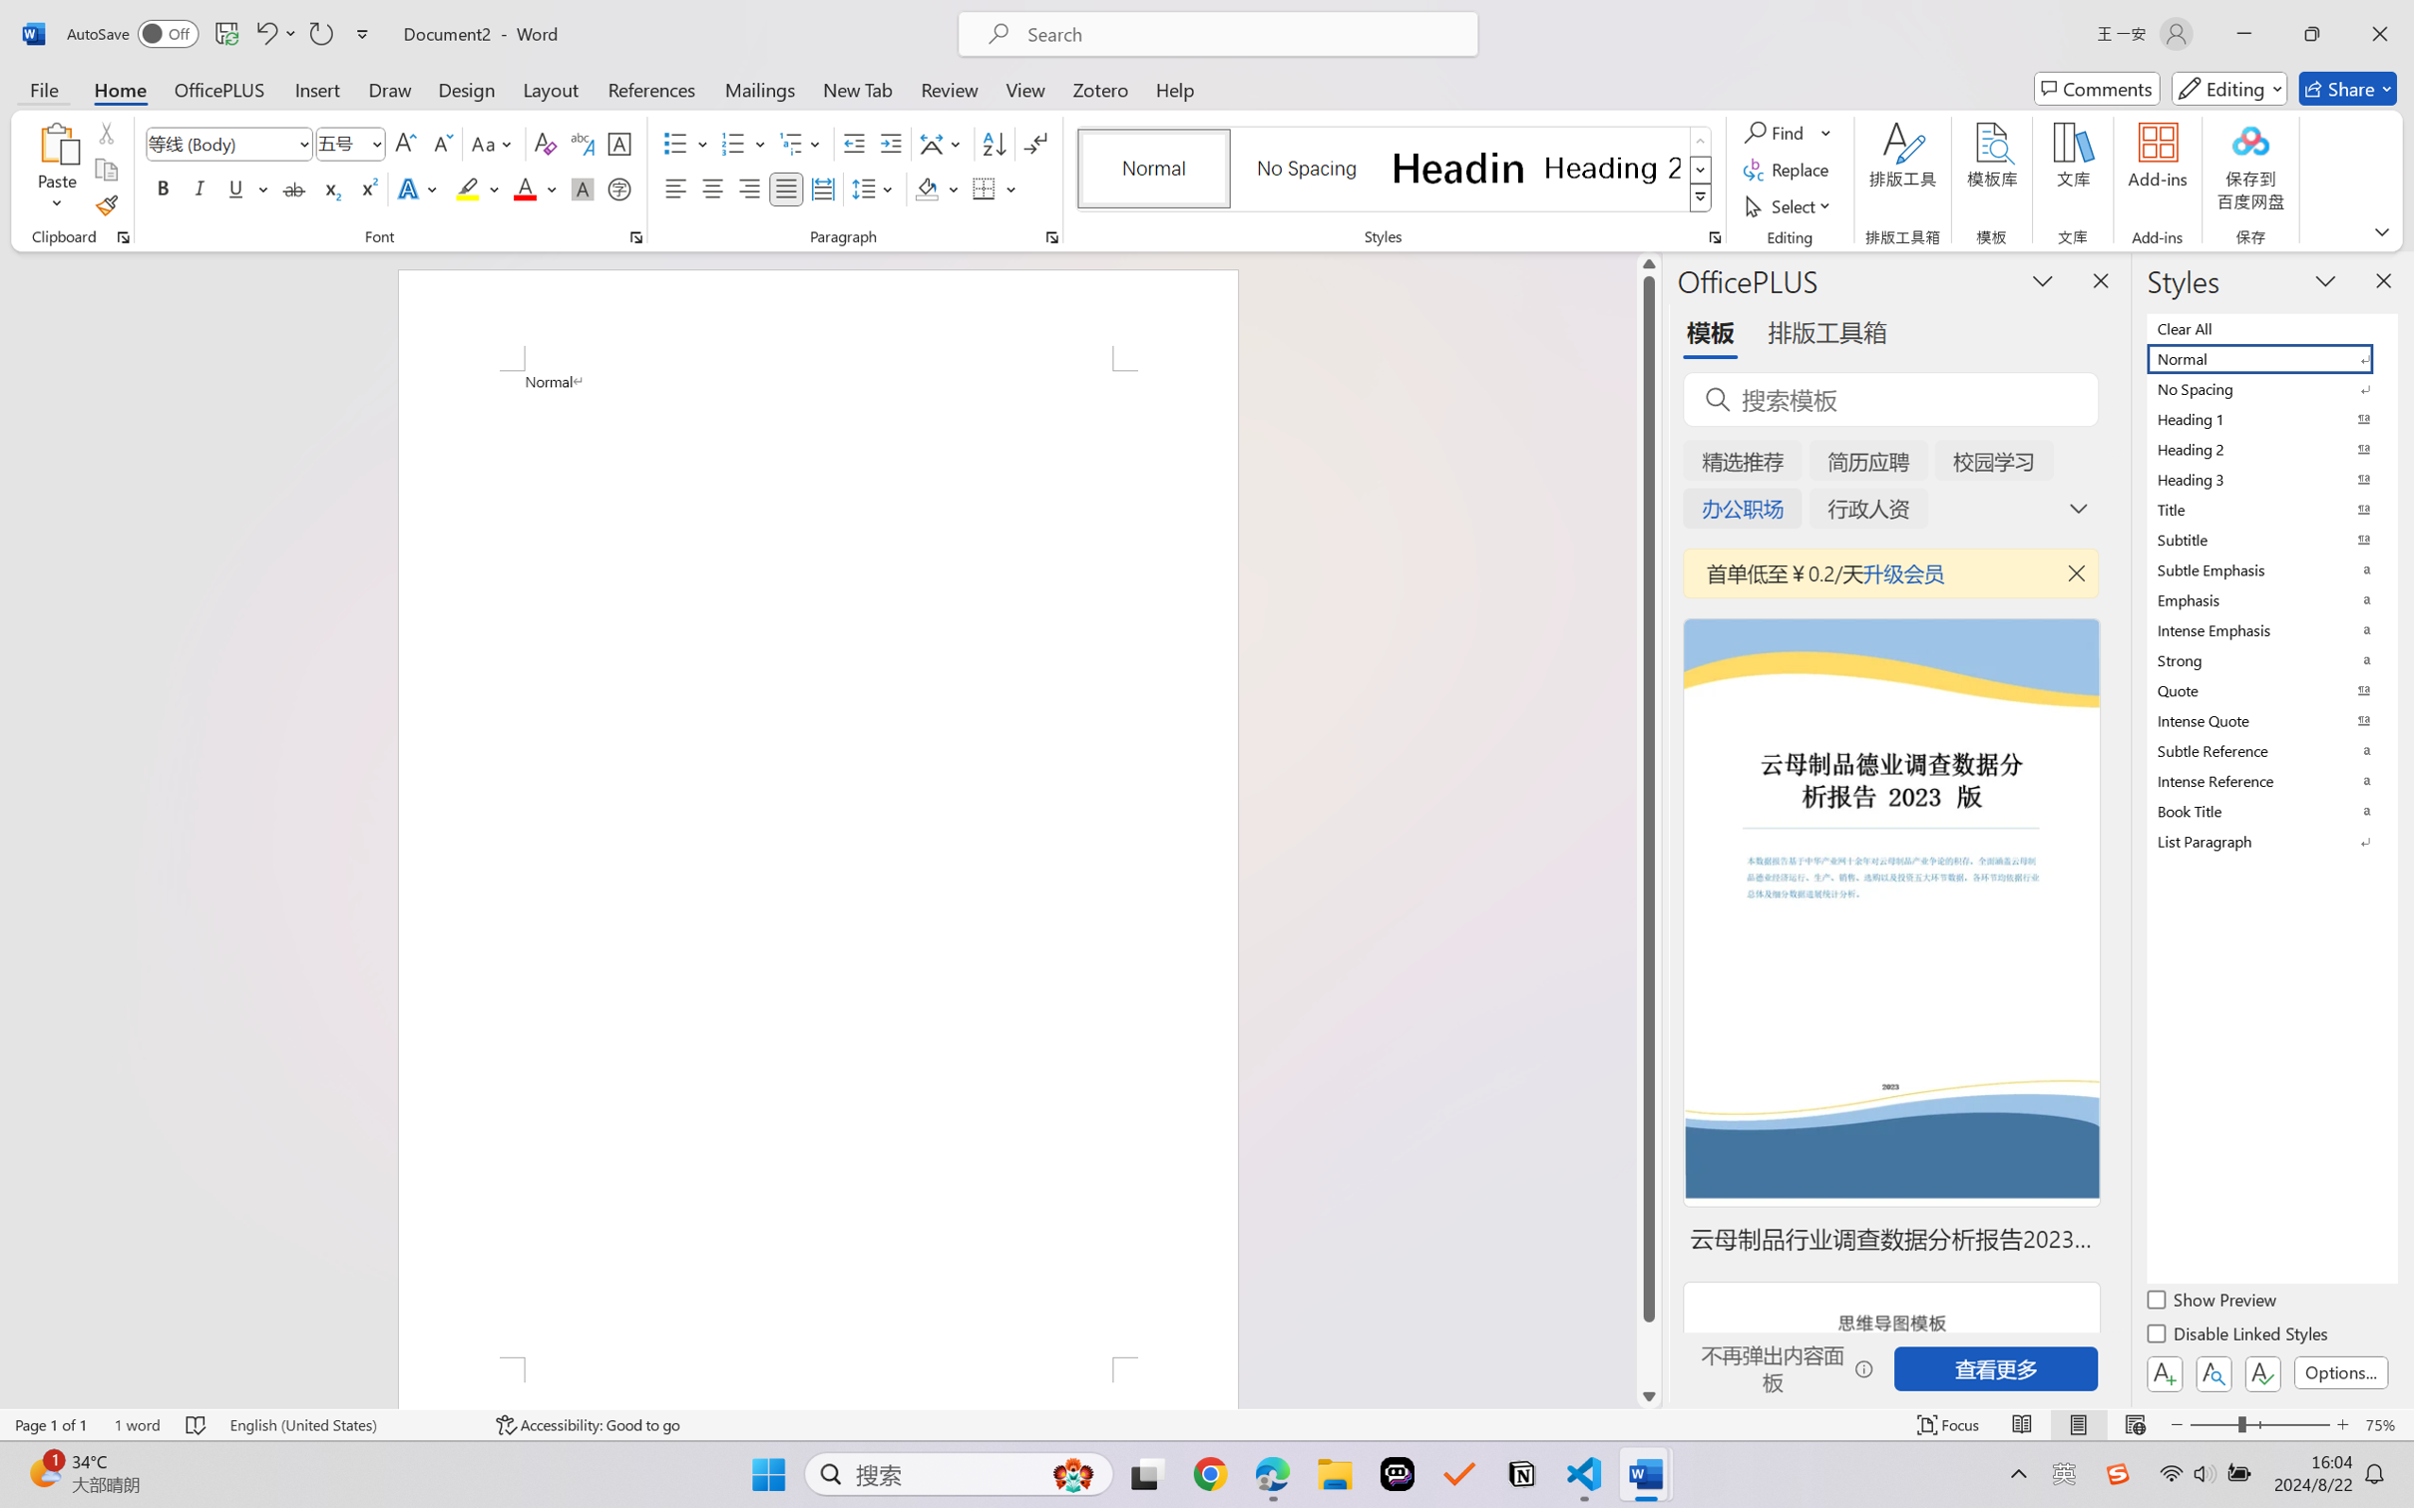  Describe the element at coordinates (122, 236) in the screenshot. I see `'Office Clipboard...'` at that location.